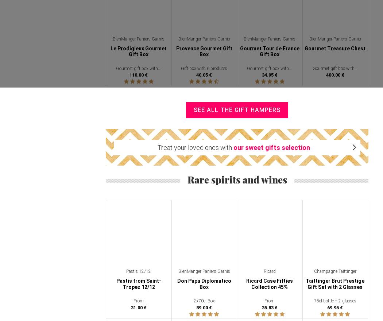 Image resolution: width=383 pixels, height=321 pixels. I want to click on 'Provence Gourmet Gift Box', so click(204, 51).